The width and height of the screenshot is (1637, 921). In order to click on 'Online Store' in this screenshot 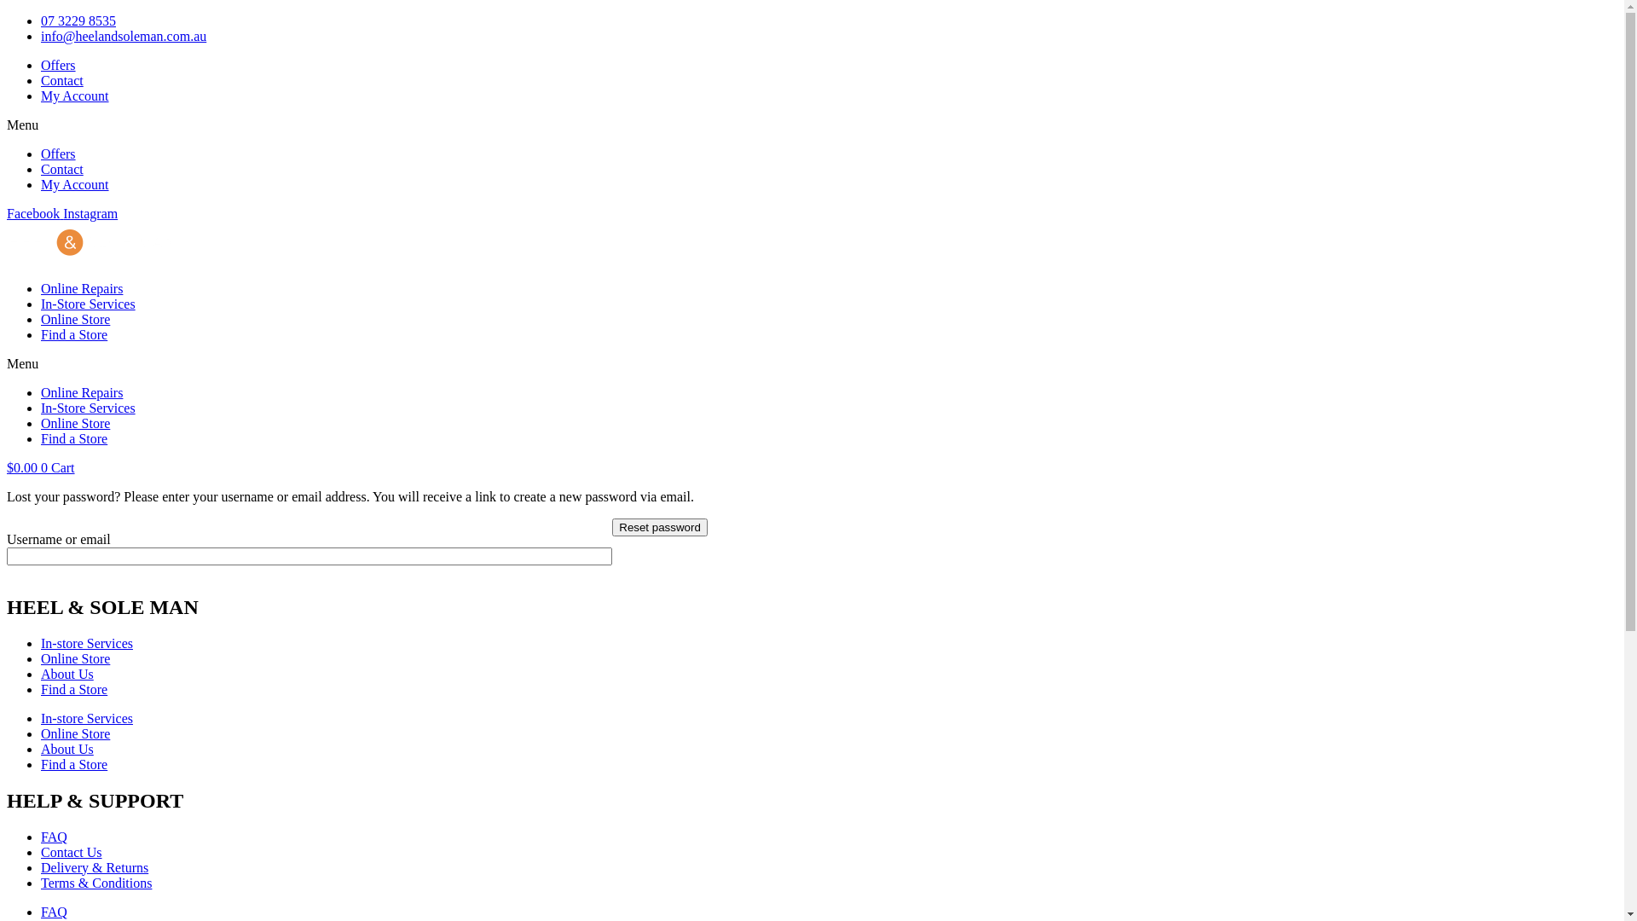, I will do `click(74, 657)`.